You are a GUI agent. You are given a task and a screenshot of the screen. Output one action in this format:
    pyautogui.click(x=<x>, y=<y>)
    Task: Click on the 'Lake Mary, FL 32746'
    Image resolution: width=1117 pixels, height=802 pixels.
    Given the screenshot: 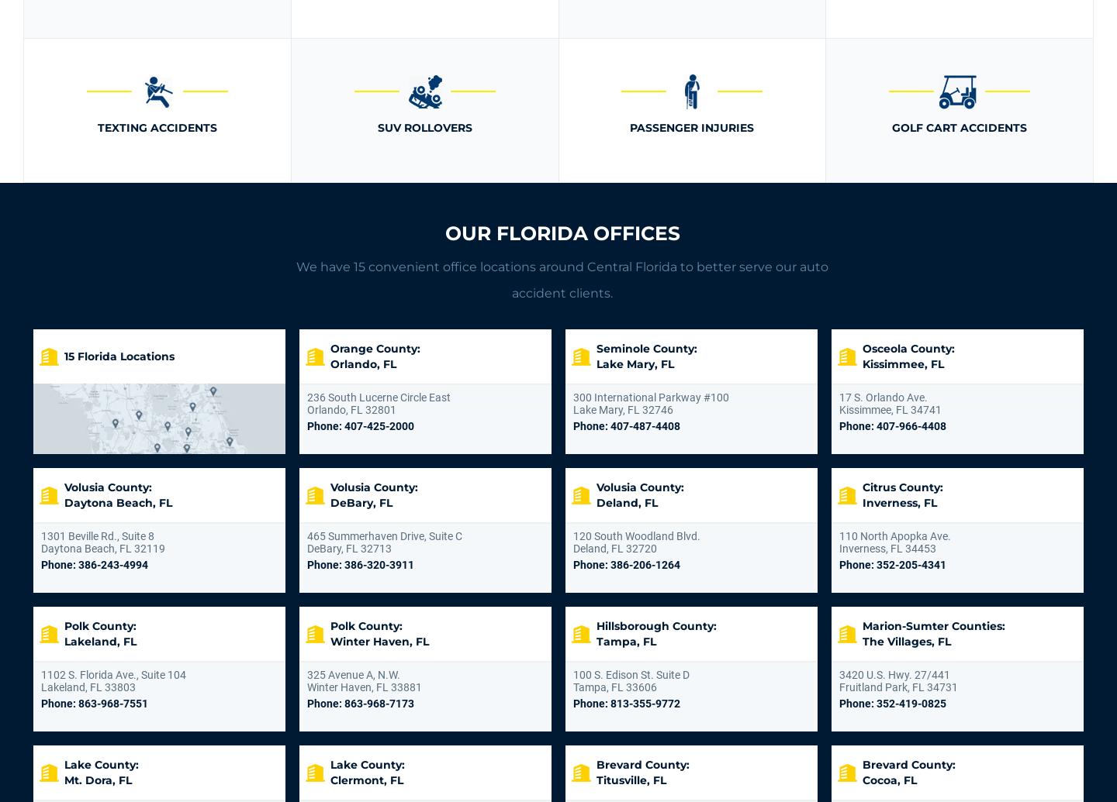 What is the action you would take?
    pyautogui.click(x=623, y=408)
    